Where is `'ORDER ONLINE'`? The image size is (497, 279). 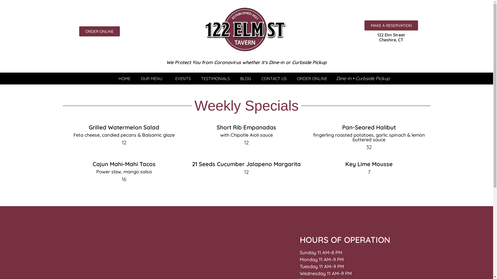 'ORDER ONLINE' is located at coordinates (99, 31).